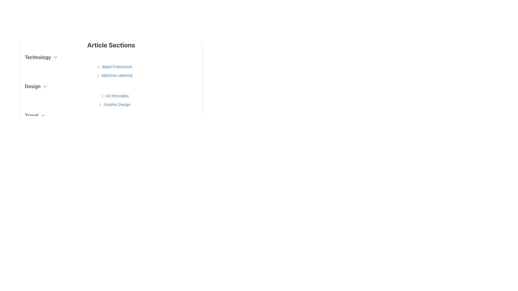 Image resolution: width=518 pixels, height=291 pixels. What do you see at coordinates (114, 95) in the screenshot?
I see `the 'UX Principles' clickable text link to trigger the hover effect that changes its color to a darker blue` at bounding box center [114, 95].